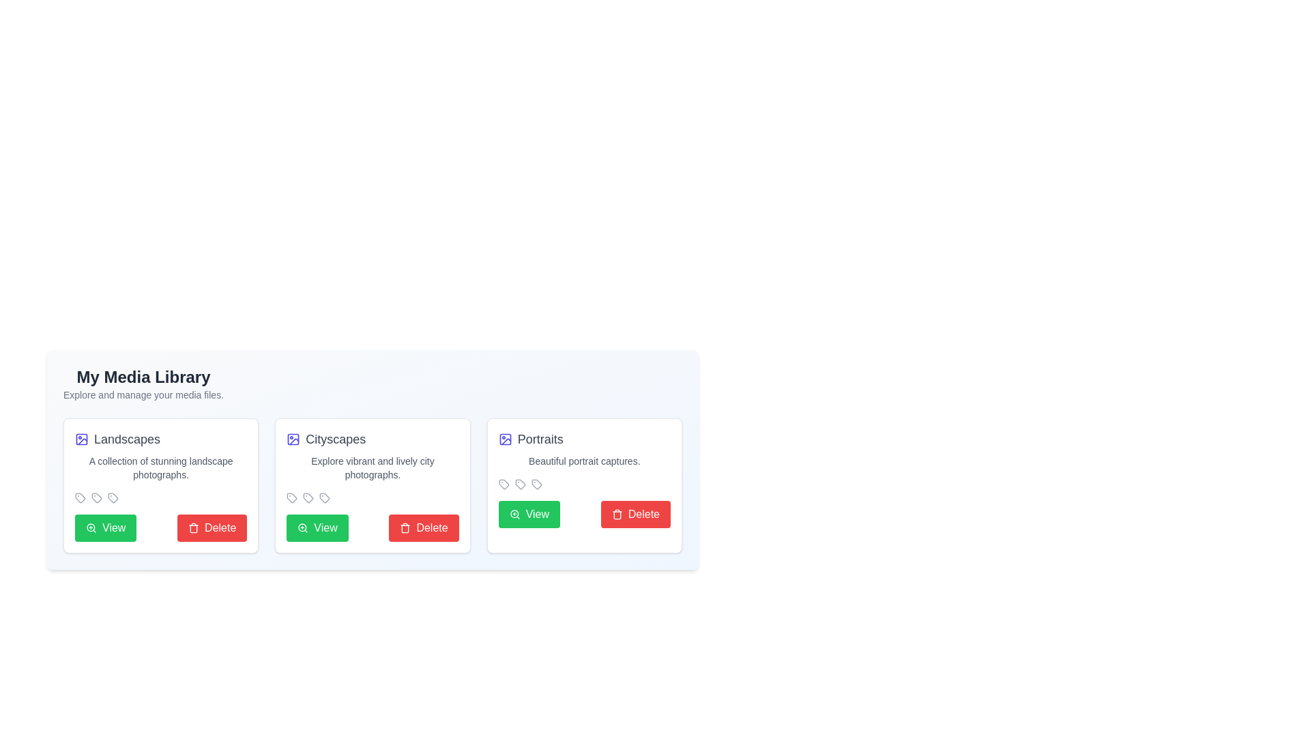 This screenshot has height=737, width=1310. Describe the element at coordinates (80, 497) in the screenshot. I see `the first tag icon located at the top left corner of the 'Landscapes' card` at that location.